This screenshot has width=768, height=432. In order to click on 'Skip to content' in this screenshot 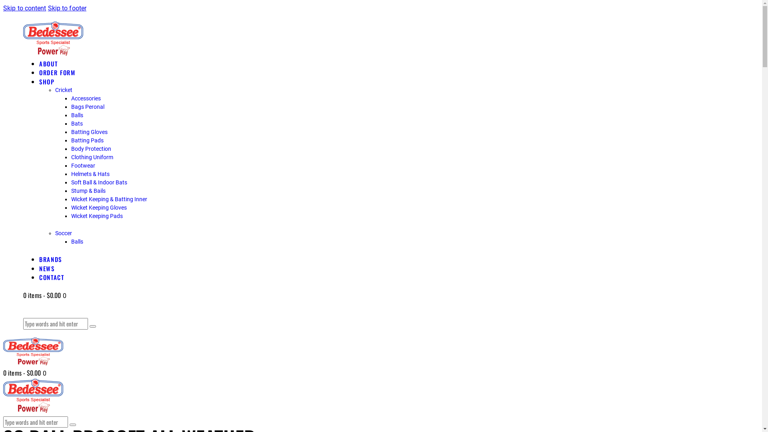, I will do `click(25, 8)`.